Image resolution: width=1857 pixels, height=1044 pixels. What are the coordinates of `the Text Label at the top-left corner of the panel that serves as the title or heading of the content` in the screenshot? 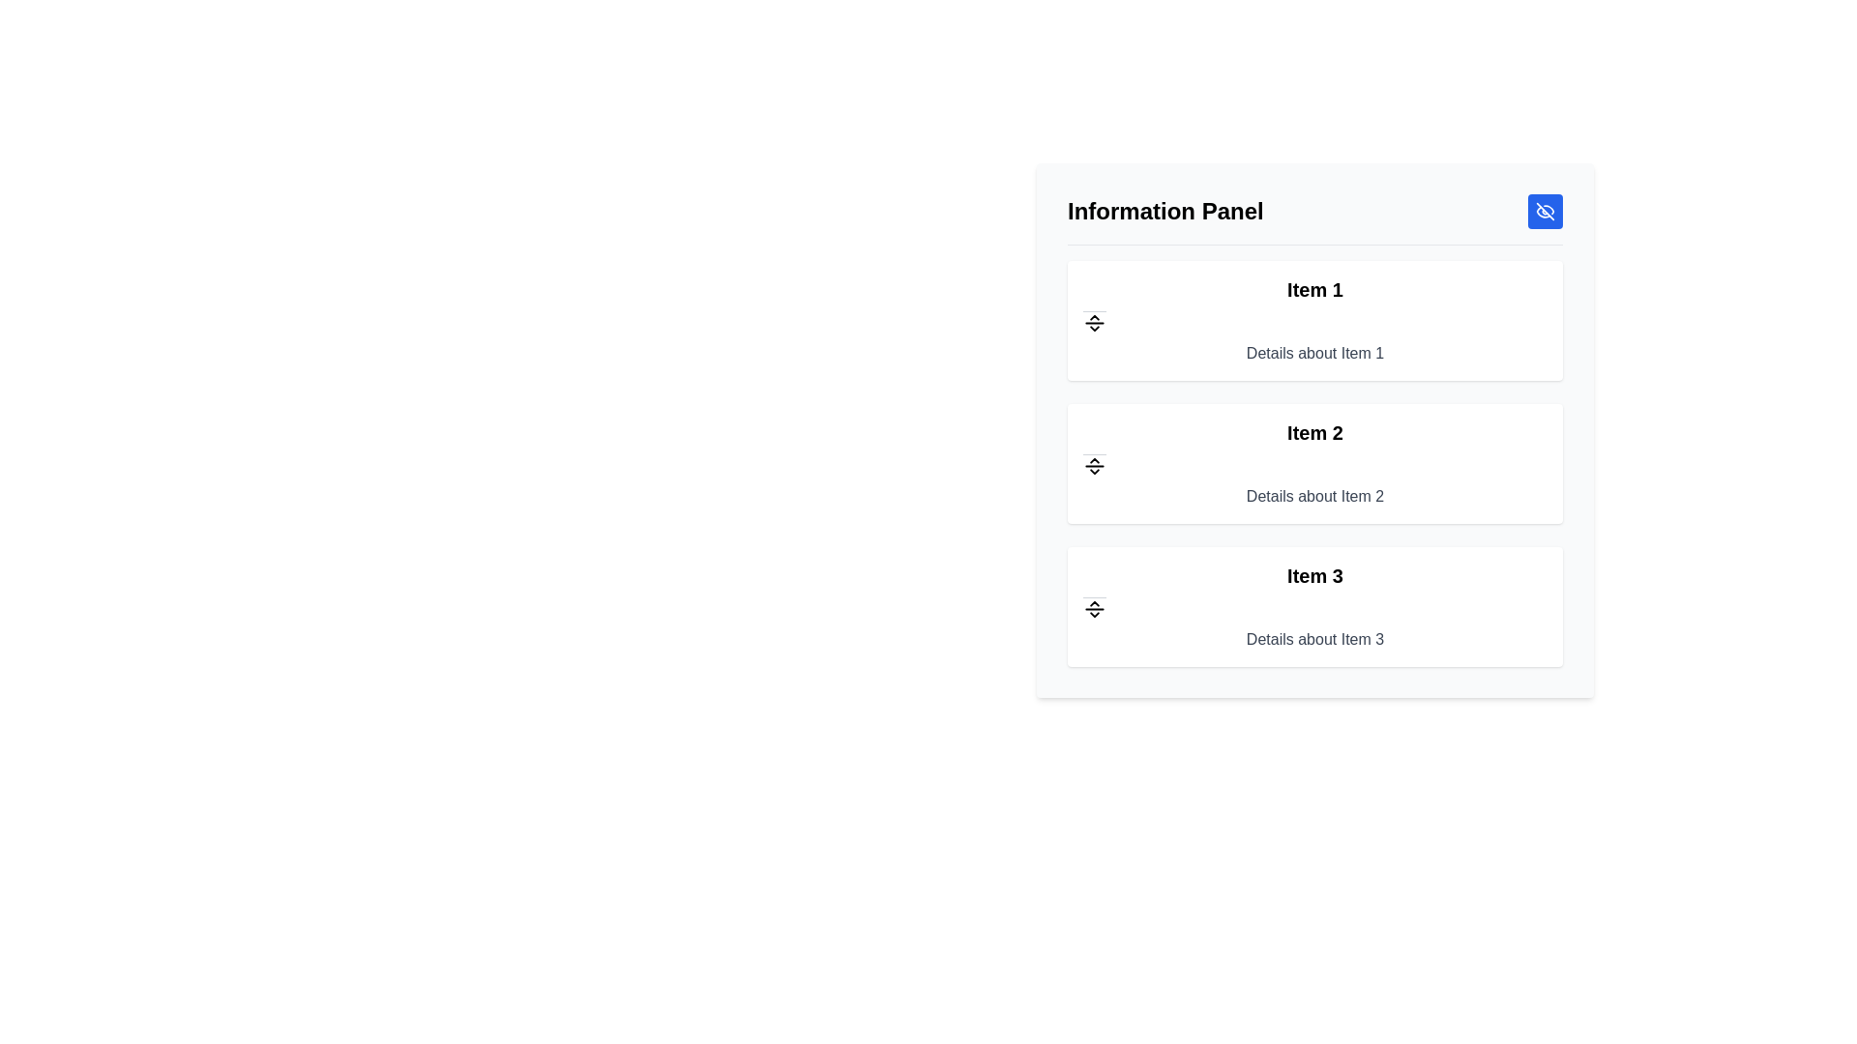 It's located at (1164, 212).